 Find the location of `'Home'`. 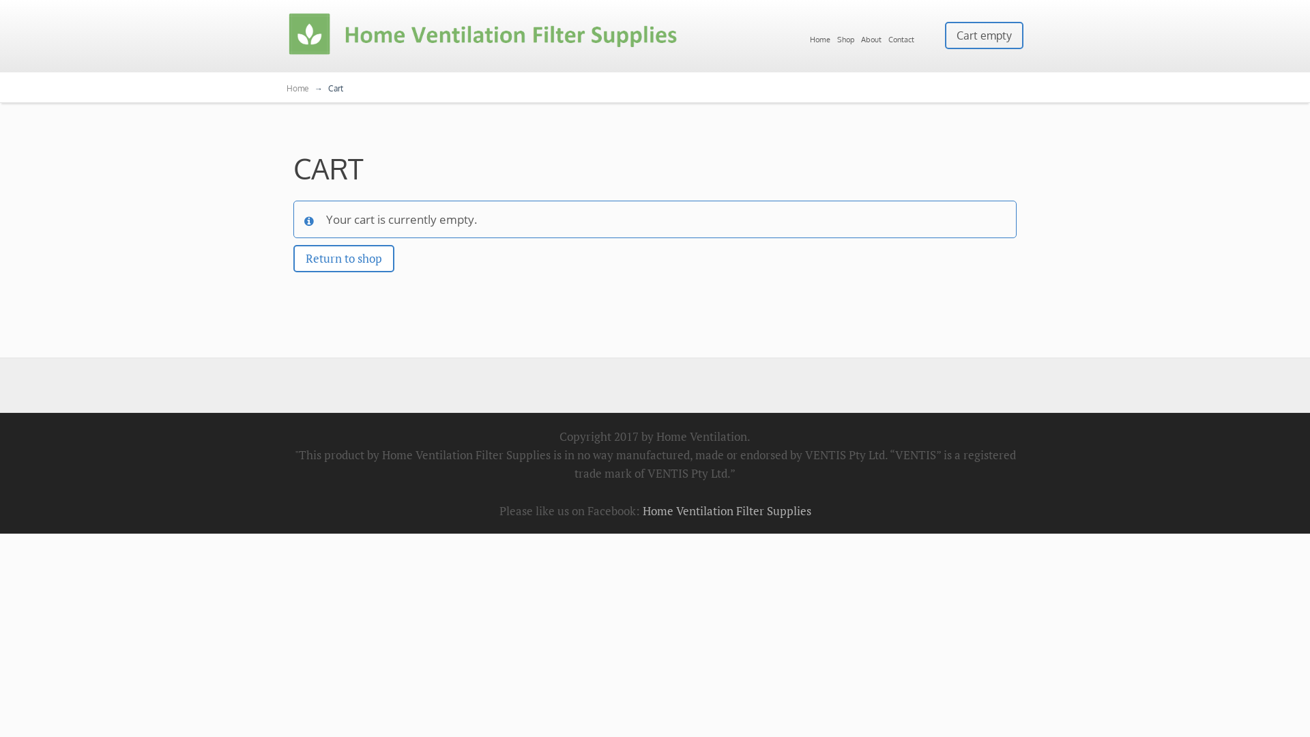

'Home' is located at coordinates (822, 35).